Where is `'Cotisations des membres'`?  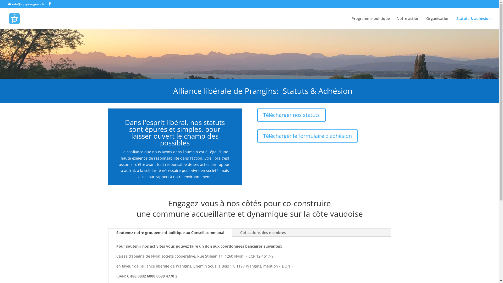
'Cotisations des membres' is located at coordinates (263, 232).